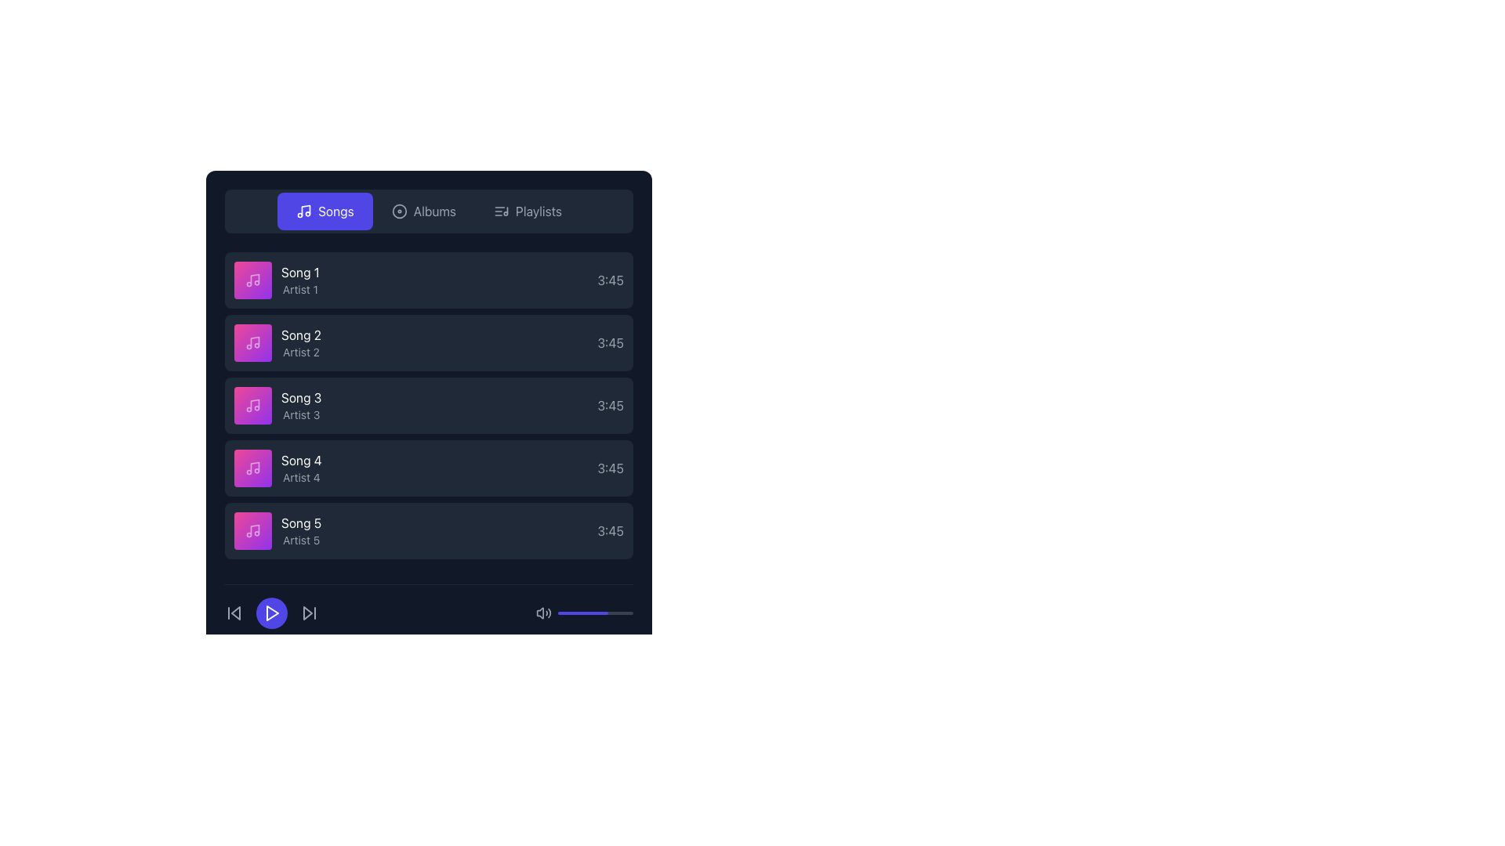  What do you see at coordinates (569, 613) in the screenshot?
I see `the volume slider` at bounding box center [569, 613].